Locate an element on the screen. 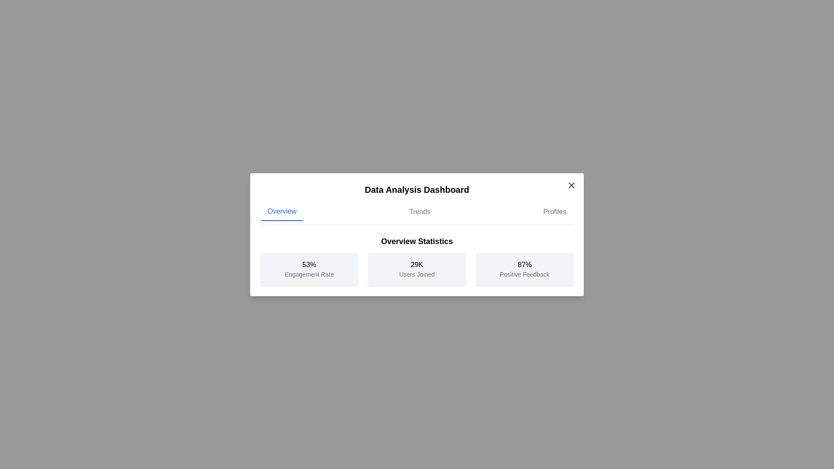  the close icon located in the top-right corner of the modal dialog is located at coordinates (571, 184).